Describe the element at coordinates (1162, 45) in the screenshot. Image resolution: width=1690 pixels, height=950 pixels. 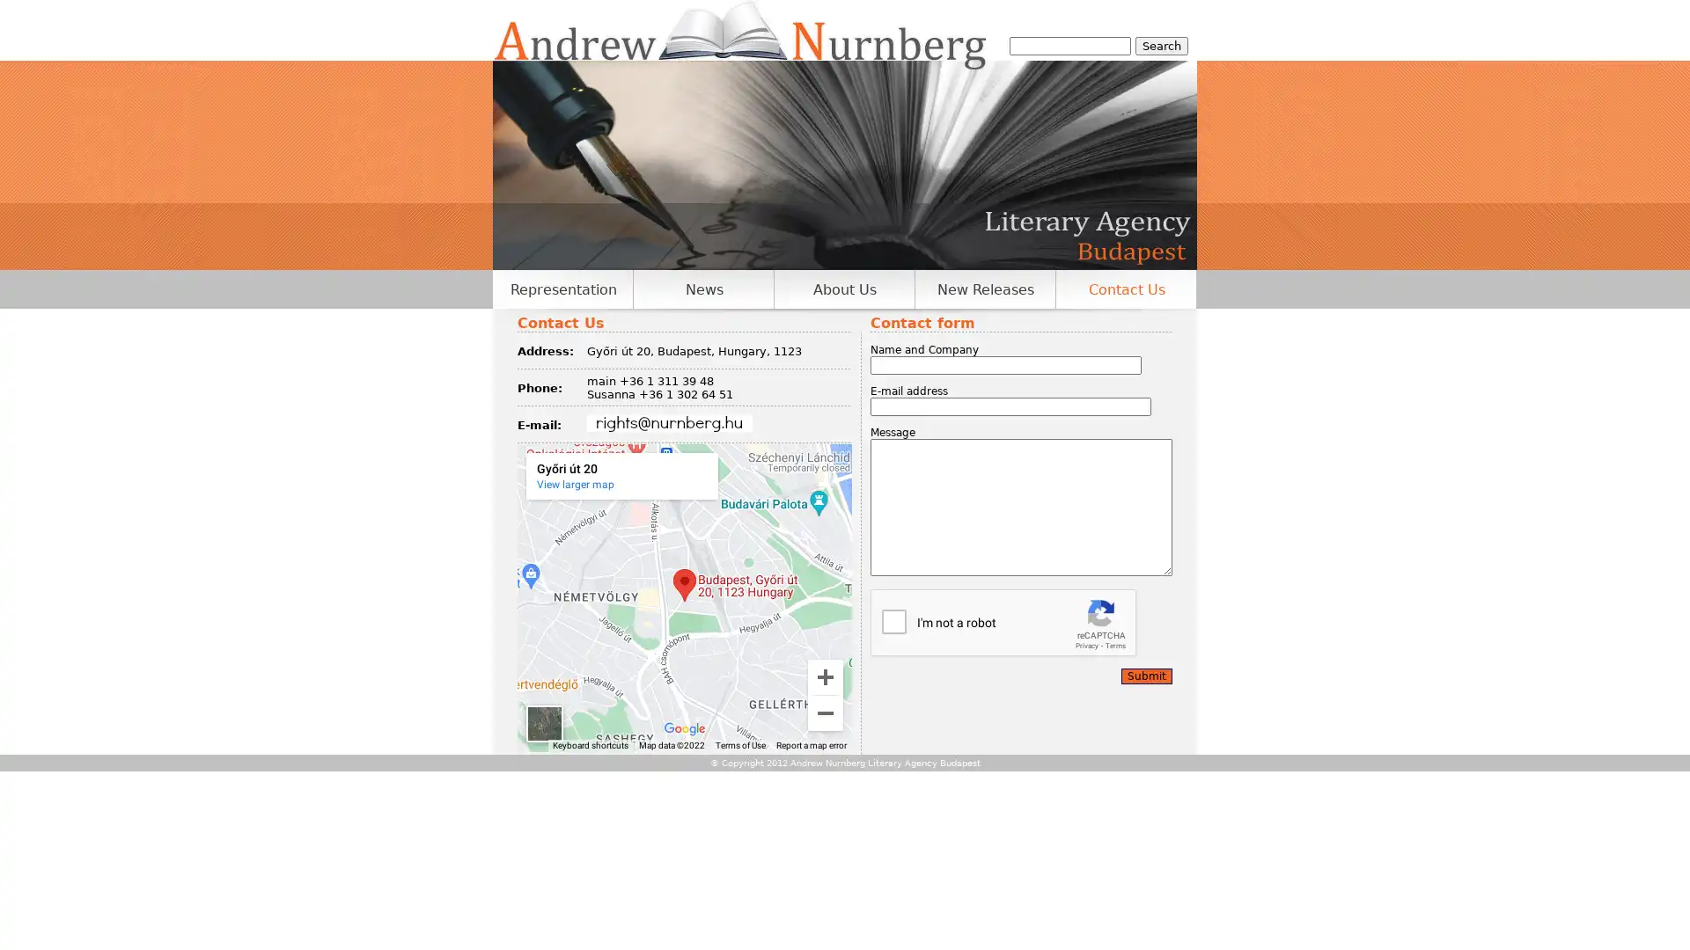
I see `Search` at that location.